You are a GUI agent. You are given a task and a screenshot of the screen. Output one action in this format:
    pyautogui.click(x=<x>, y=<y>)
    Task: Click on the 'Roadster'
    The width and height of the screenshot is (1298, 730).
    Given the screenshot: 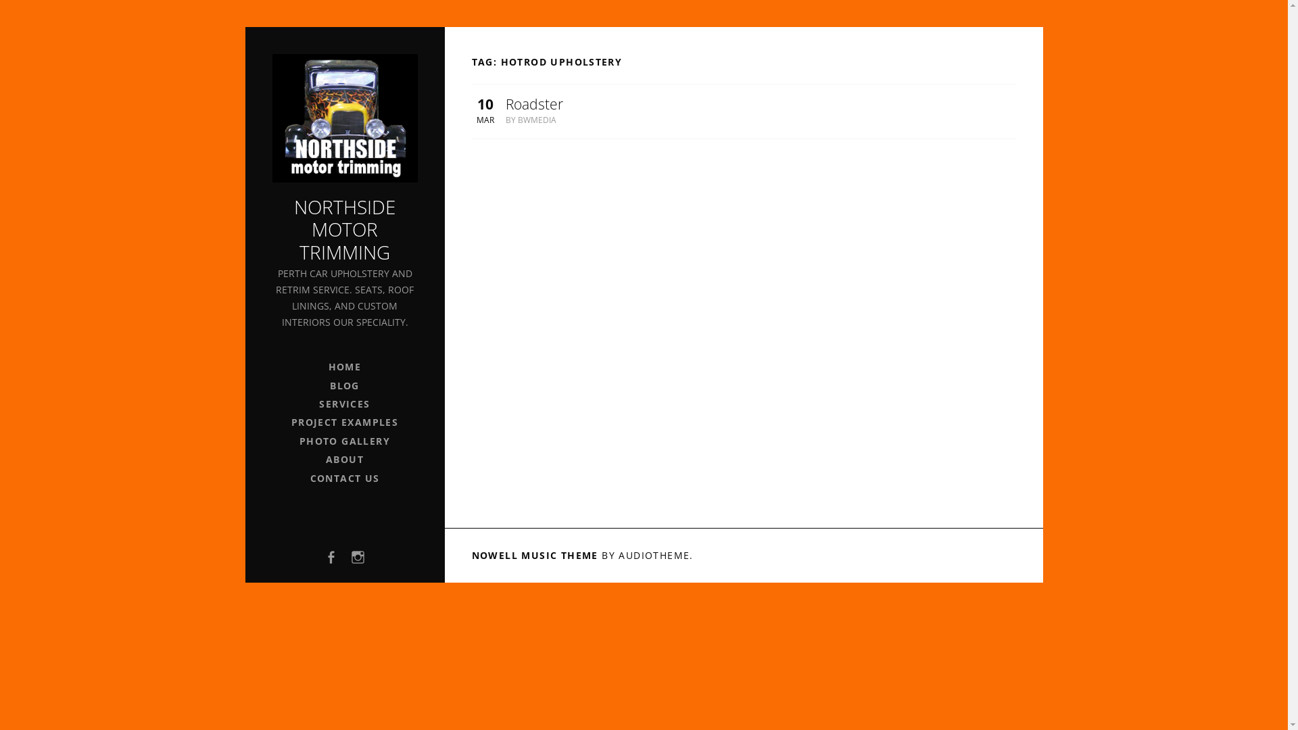 What is the action you would take?
    pyautogui.click(x=533, y=103)
    